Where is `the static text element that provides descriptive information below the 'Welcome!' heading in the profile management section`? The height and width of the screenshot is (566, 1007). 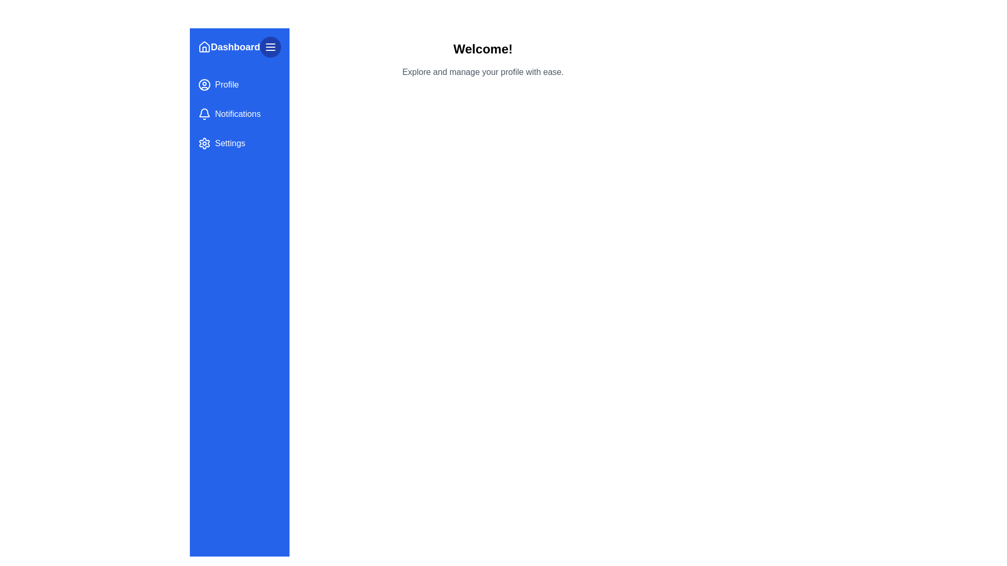 the static text element that provides descriptive information below the 'Welcome!' heading in the profile management section is located at coordinates (483, 72).